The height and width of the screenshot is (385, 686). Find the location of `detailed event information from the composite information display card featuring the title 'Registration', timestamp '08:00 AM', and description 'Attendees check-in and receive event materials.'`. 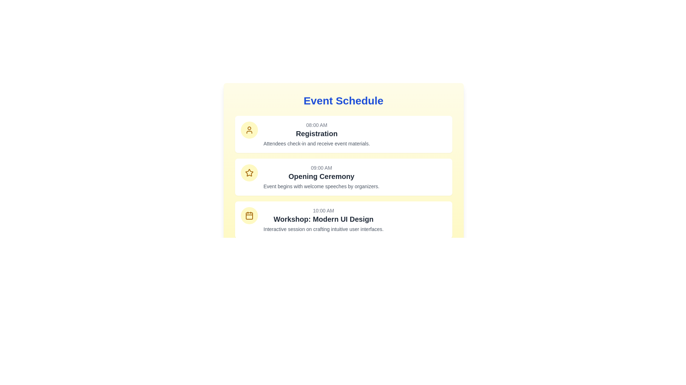

detailed event information from the composite information display card featuring the title 'Registration', timestamp '08:00 AM', and description 'Attendees check-in and receive event materials.' is located at coordinates (343, 134).